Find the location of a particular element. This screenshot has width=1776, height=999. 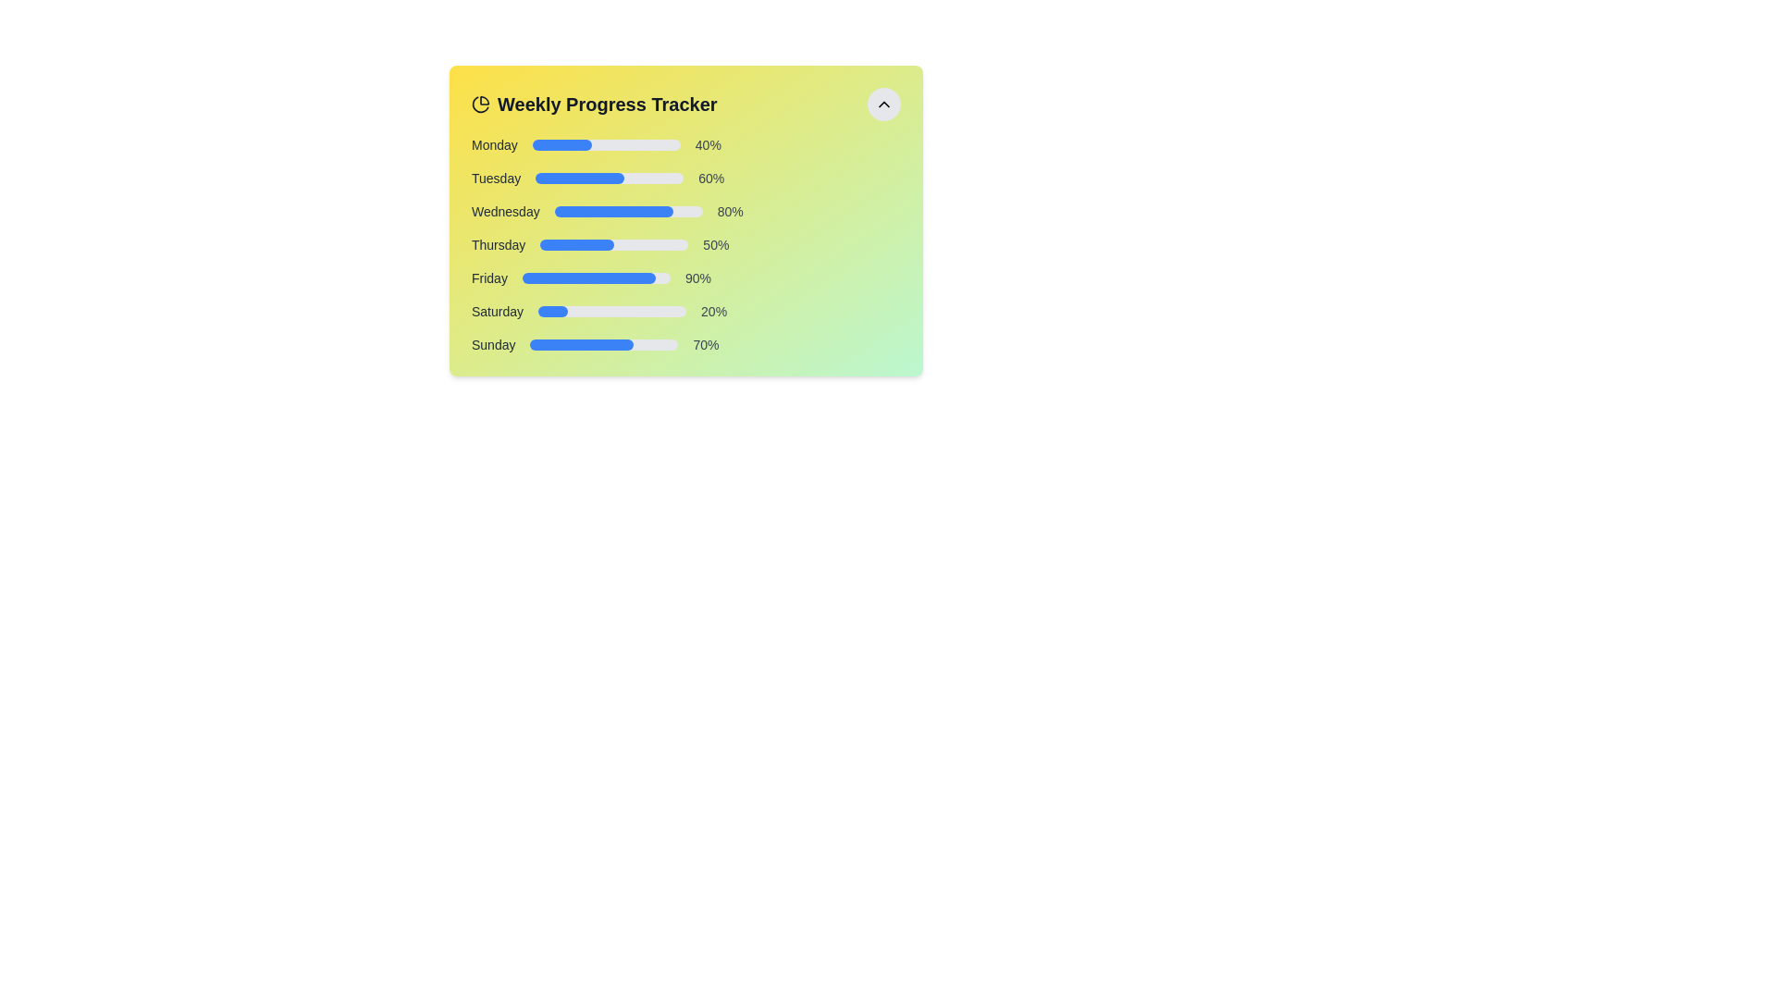

the progress visually by interacting with the first horizontal progress bar indicating 40% completion in the weekly progress tracker layout is located at coordinates (606, 144).